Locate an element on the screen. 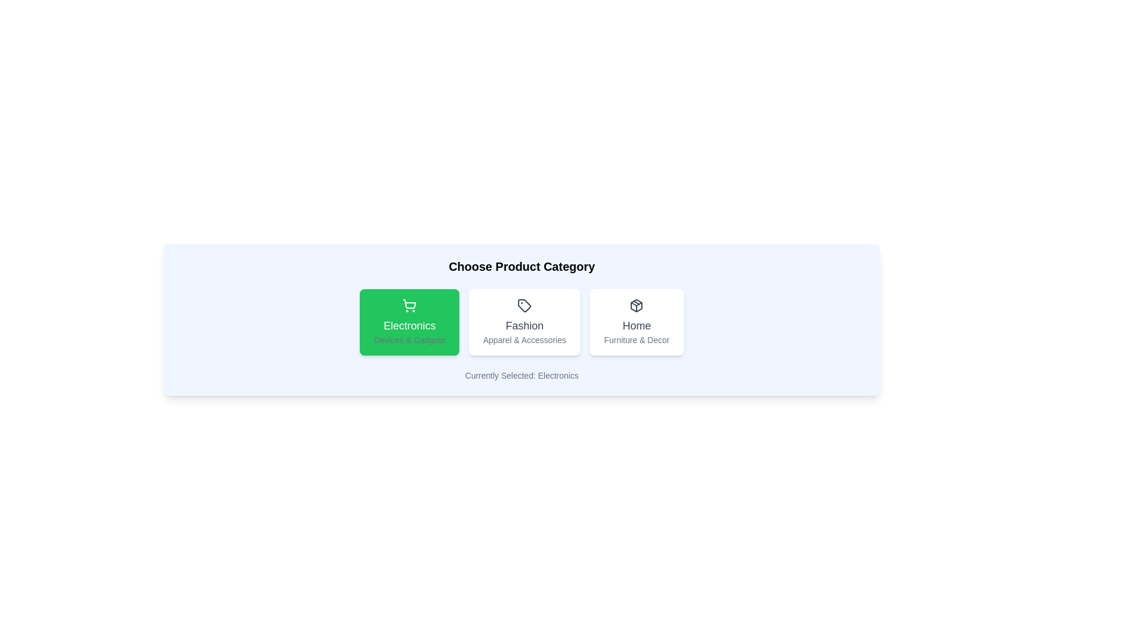 Image resolution: width=1138 pixels, height=640 pixels. the category chip labeled Electronics is located at coordinates (410, 322).